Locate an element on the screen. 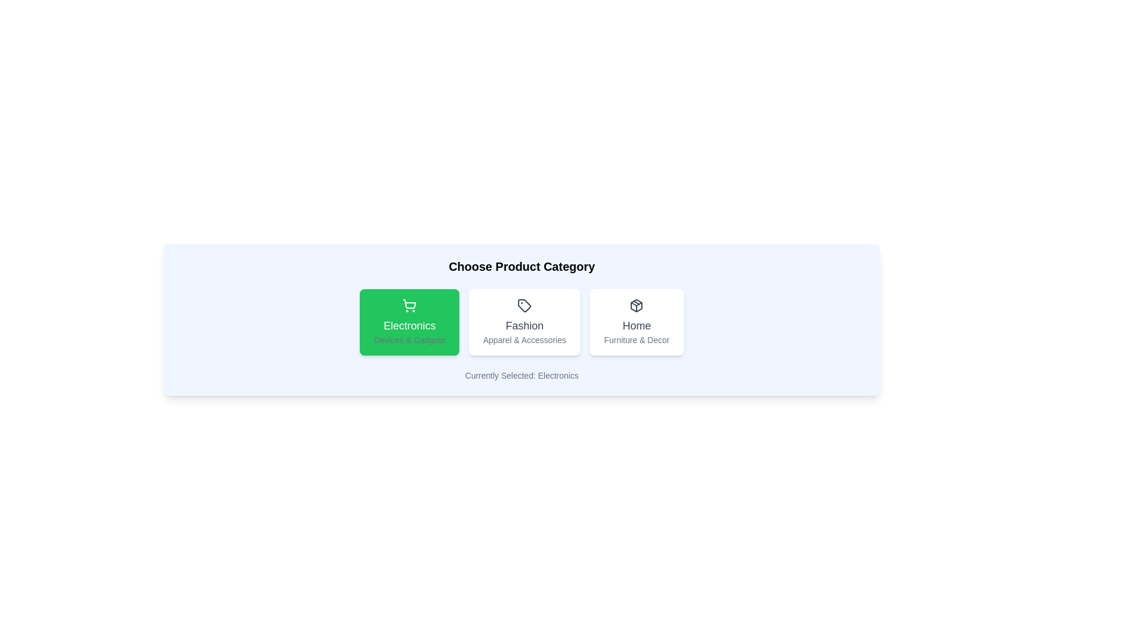 Image resolution: width=1138 pixels, height=640 pixels. the category chip labeled Electronics is located at coordinates (410, 322).